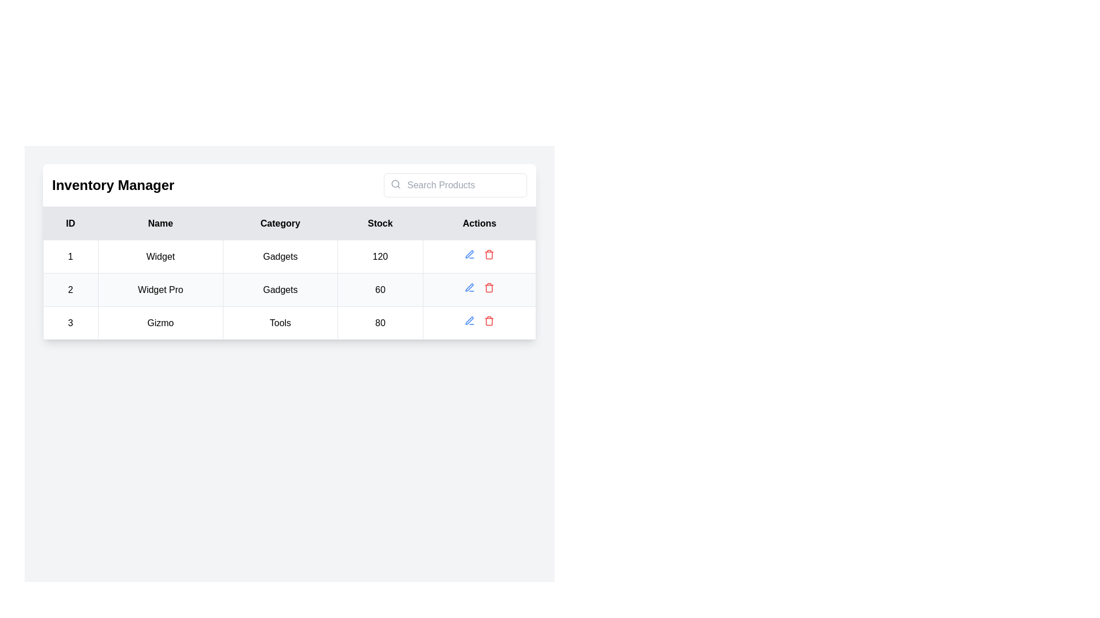 The image size is (1100, 618). I want to click on the text element labeled 'Widget' in the second column of the product entry table, which has a white background and is bordered, so click(160, 256).